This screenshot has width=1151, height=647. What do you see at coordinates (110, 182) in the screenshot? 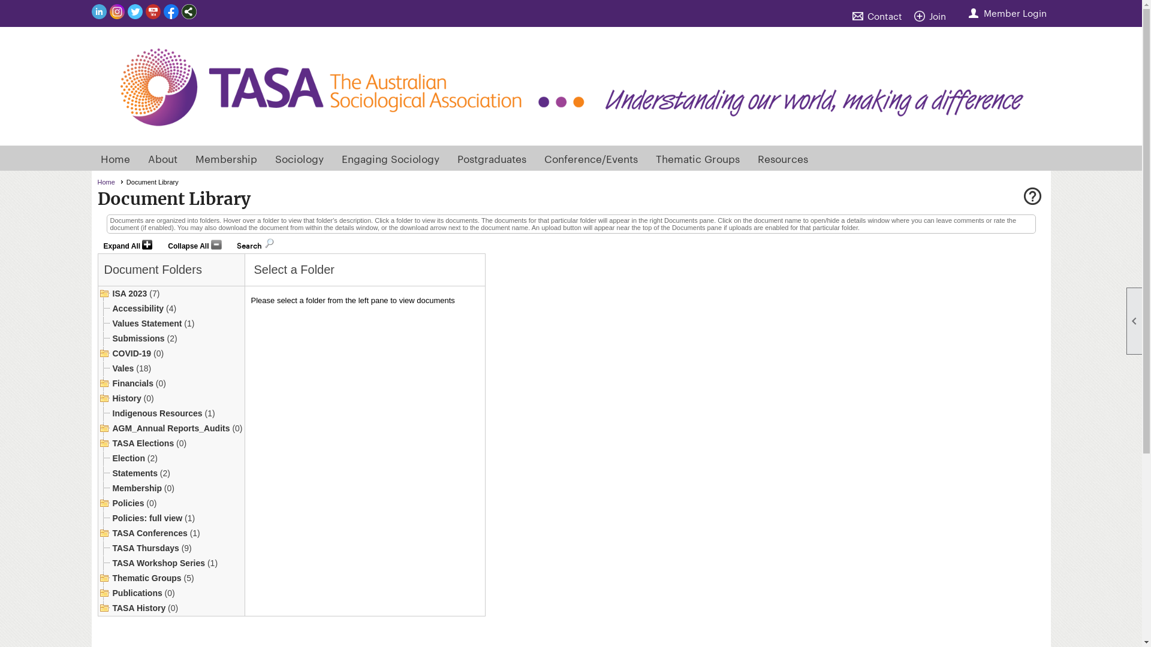
I see `'Home'` at bounding box center [110, 182].